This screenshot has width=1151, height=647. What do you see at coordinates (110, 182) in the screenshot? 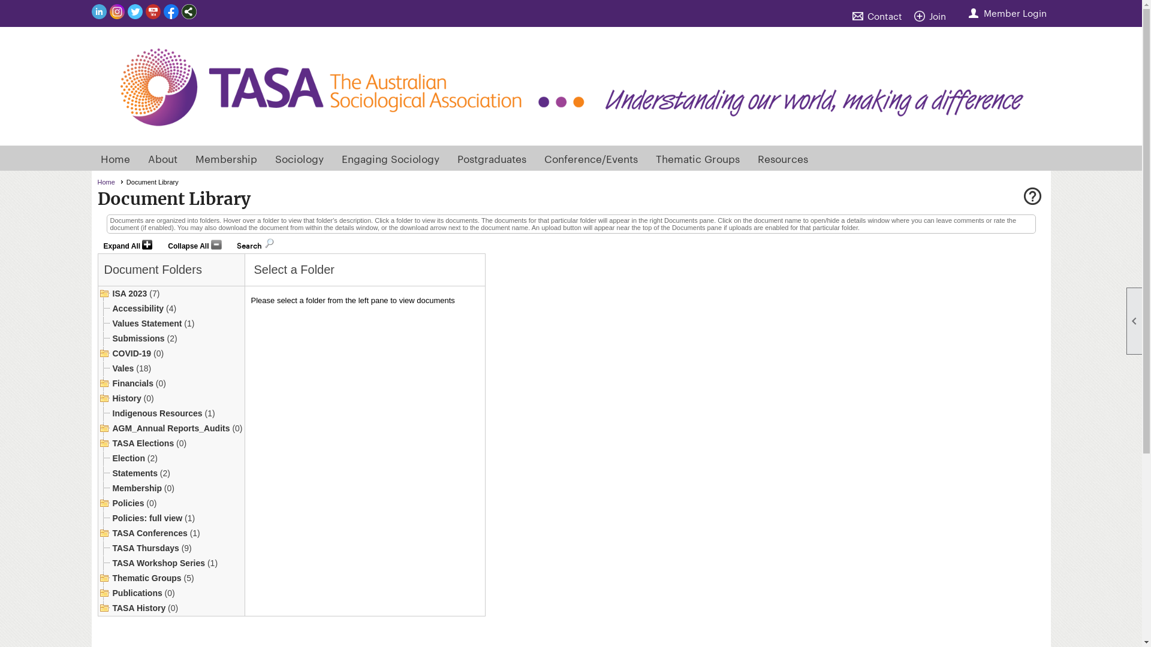
I see `'Home'` at bounding box center [110, 182].